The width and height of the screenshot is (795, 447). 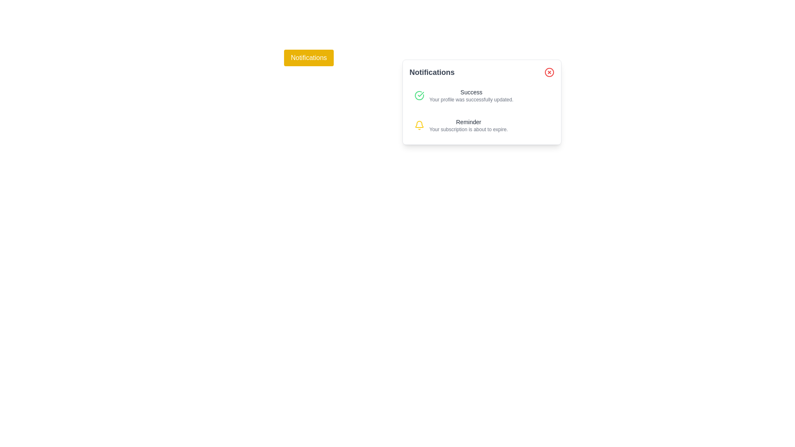 What do you see at coordinates (419, 125) in the screenshot?
I see `the notification icon that visually represents an alert related to the text 'Reminder Your subscription is about to expire.'` at bounding box center [419, 125].